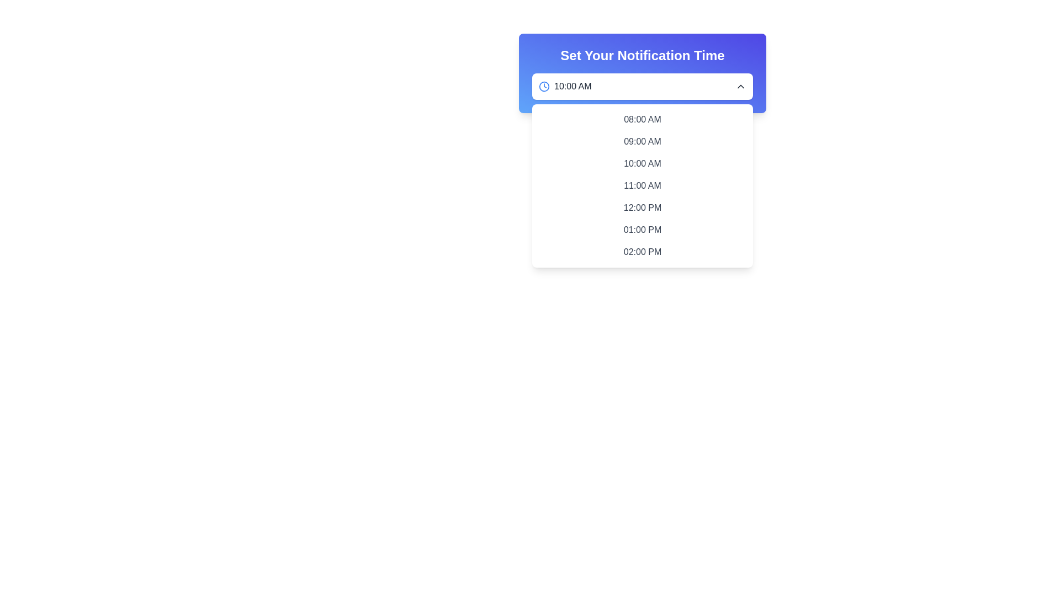  I want to click on the outer ring of the clock icon in the blue header area of the time selection dropdown, located to the left of the '10:00 AM' text field, so click(544, 86).